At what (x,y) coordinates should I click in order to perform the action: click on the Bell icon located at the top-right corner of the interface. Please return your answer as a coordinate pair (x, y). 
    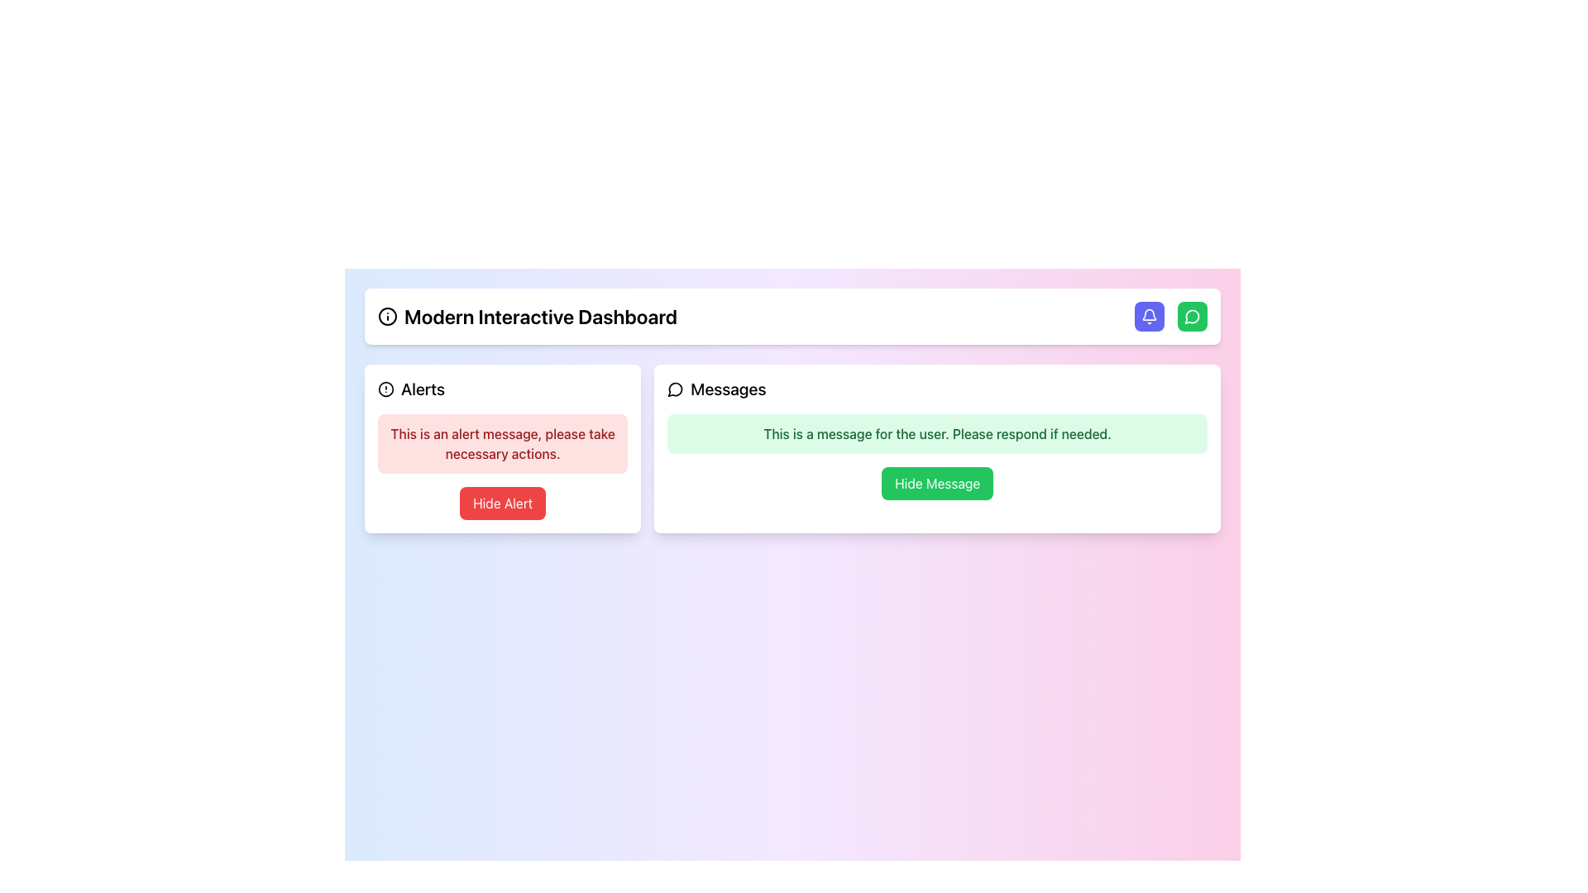
    Looking at the image, I should click on (1149, 316).